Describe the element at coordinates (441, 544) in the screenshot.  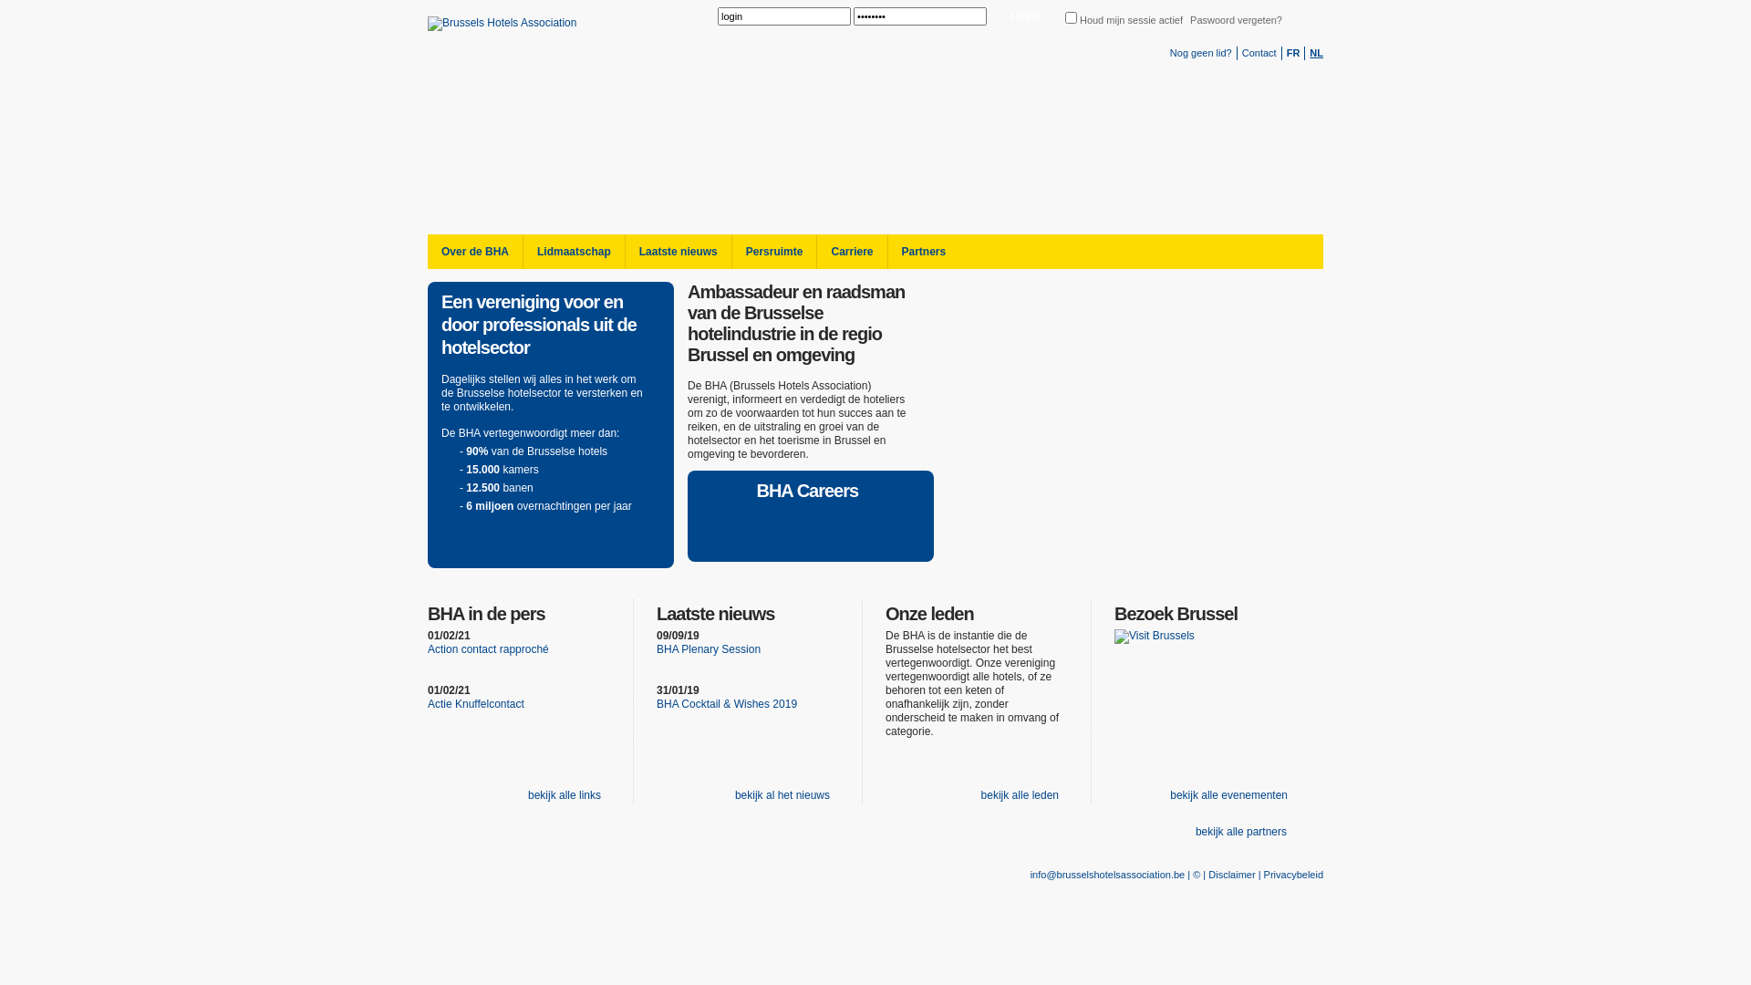
I see `'Lid worden'` at that location.